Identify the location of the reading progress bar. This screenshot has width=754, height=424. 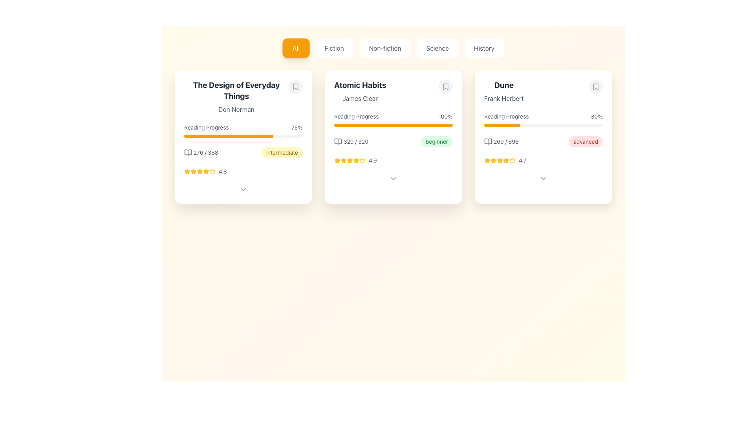
(247, 136).